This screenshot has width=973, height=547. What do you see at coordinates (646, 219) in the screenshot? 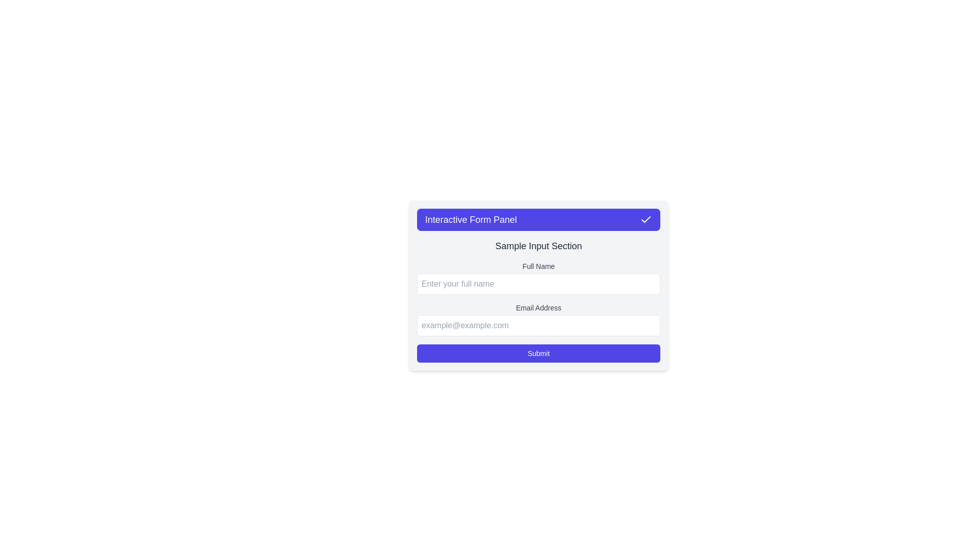
I see `the small white checkmark icon located on the right side of the purple header labeled 'Interactive Form Panel'` at bounding box center [646, 219].